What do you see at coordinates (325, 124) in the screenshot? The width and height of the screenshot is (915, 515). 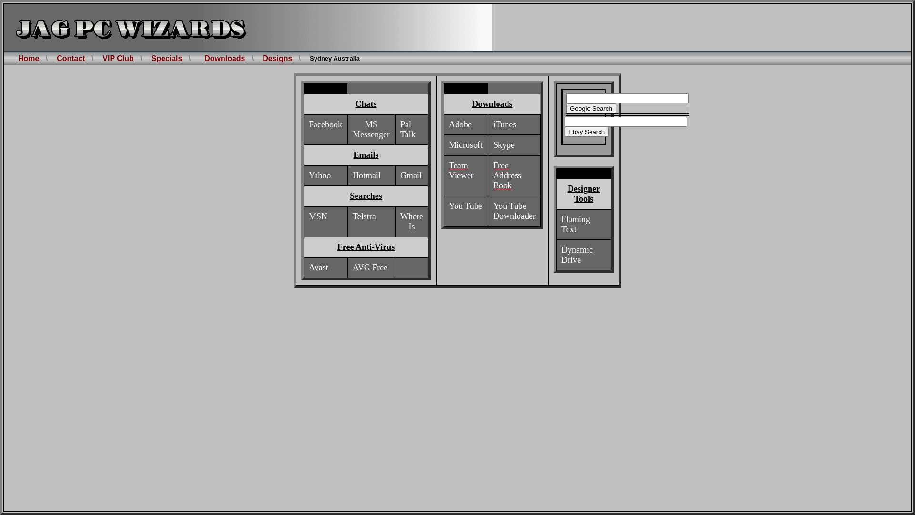 I see `'Facebook'` at bounding box center [325, 124].